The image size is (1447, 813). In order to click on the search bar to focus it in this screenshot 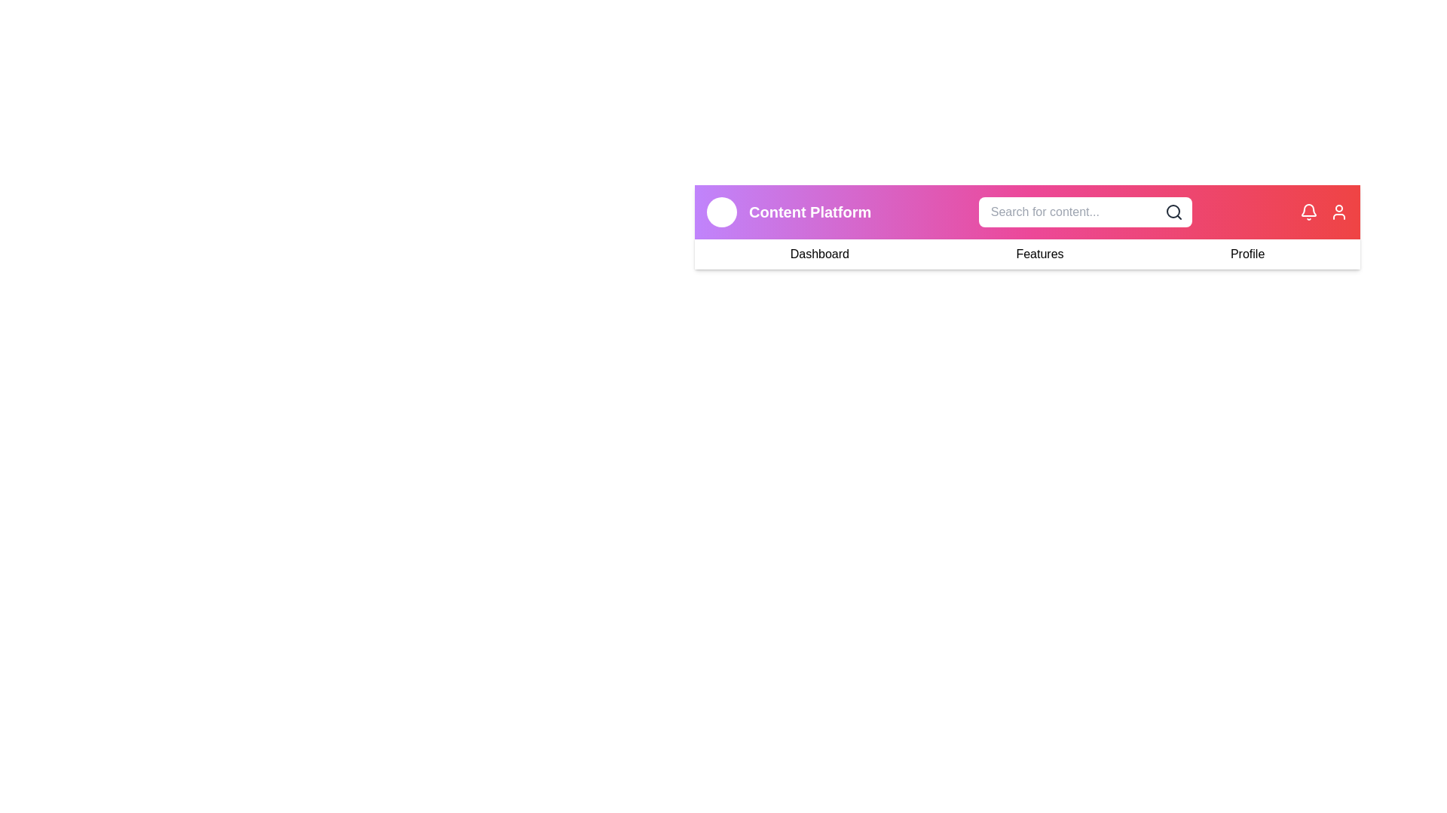, I will do `click(1085, 212)`.